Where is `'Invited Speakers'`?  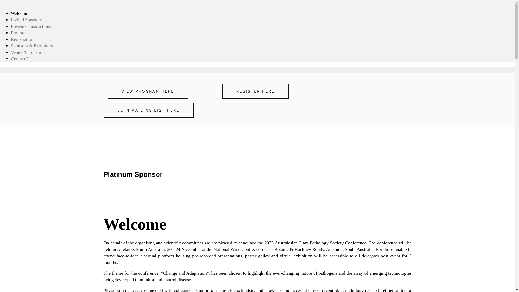 'Invited Speakers' is located at coordinates (26, 19).